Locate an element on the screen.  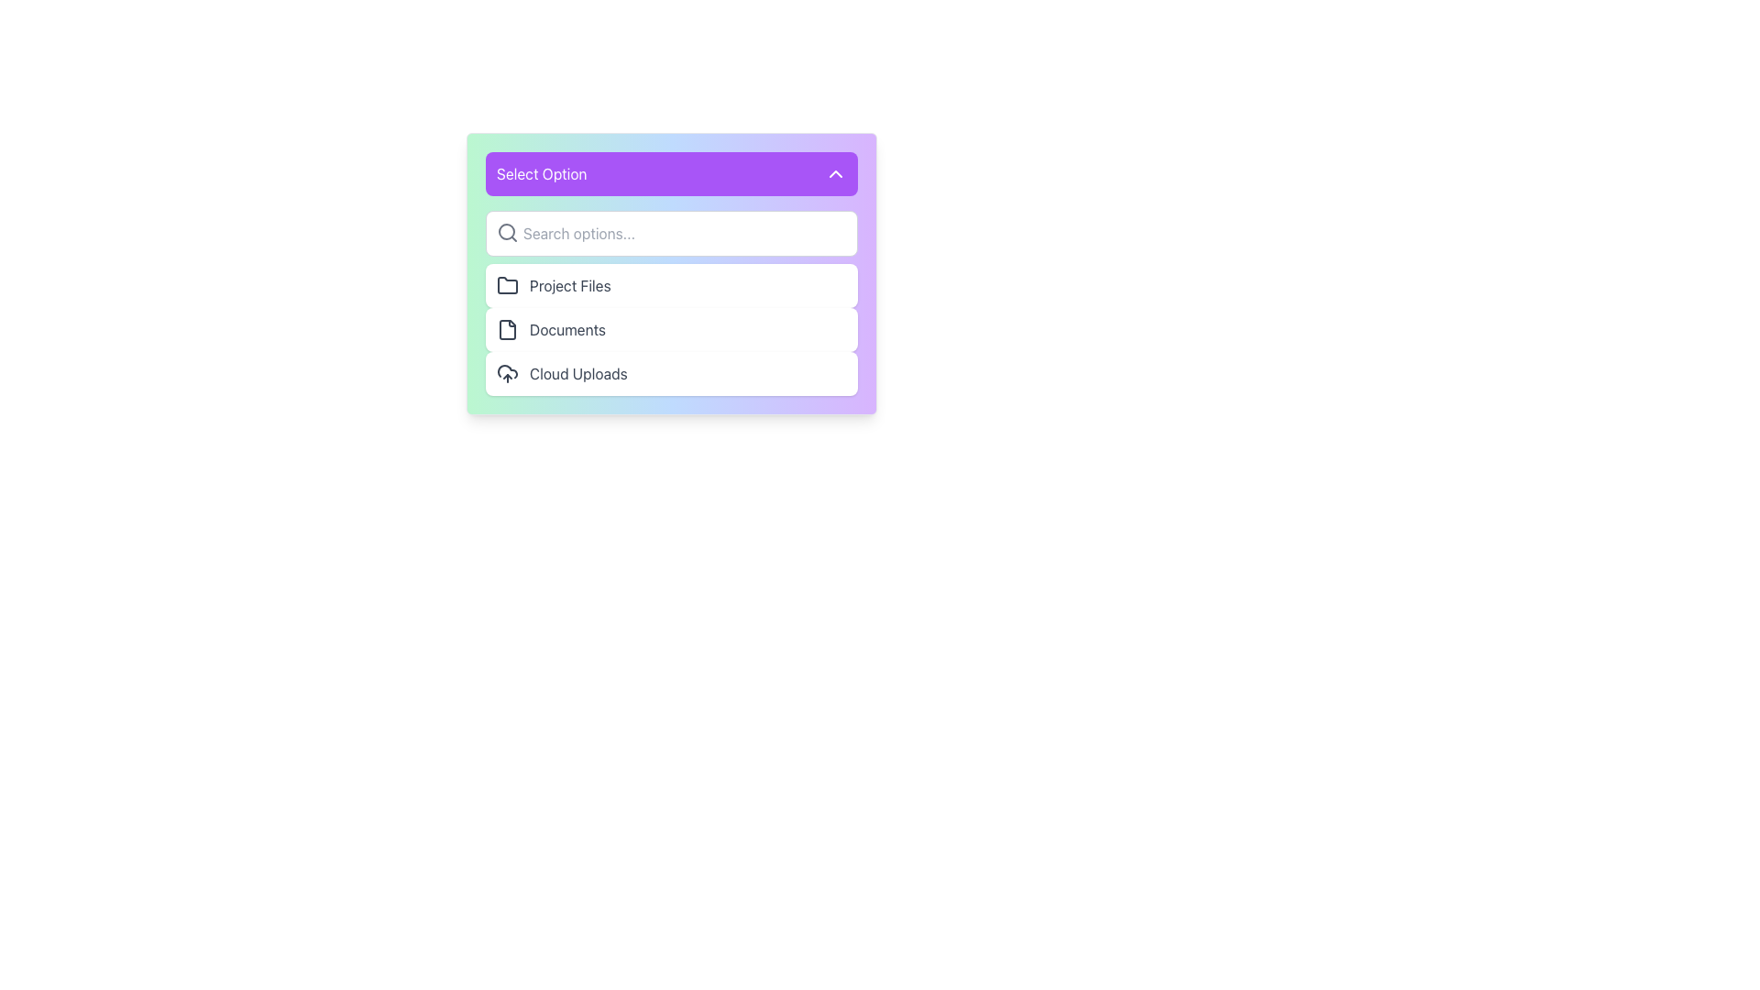
the 'Documents' text label, which is styled in a dark gray sans-serif font and is located in the second row of a vertical list in a dropdown menu is located at coordinates (566, 328).